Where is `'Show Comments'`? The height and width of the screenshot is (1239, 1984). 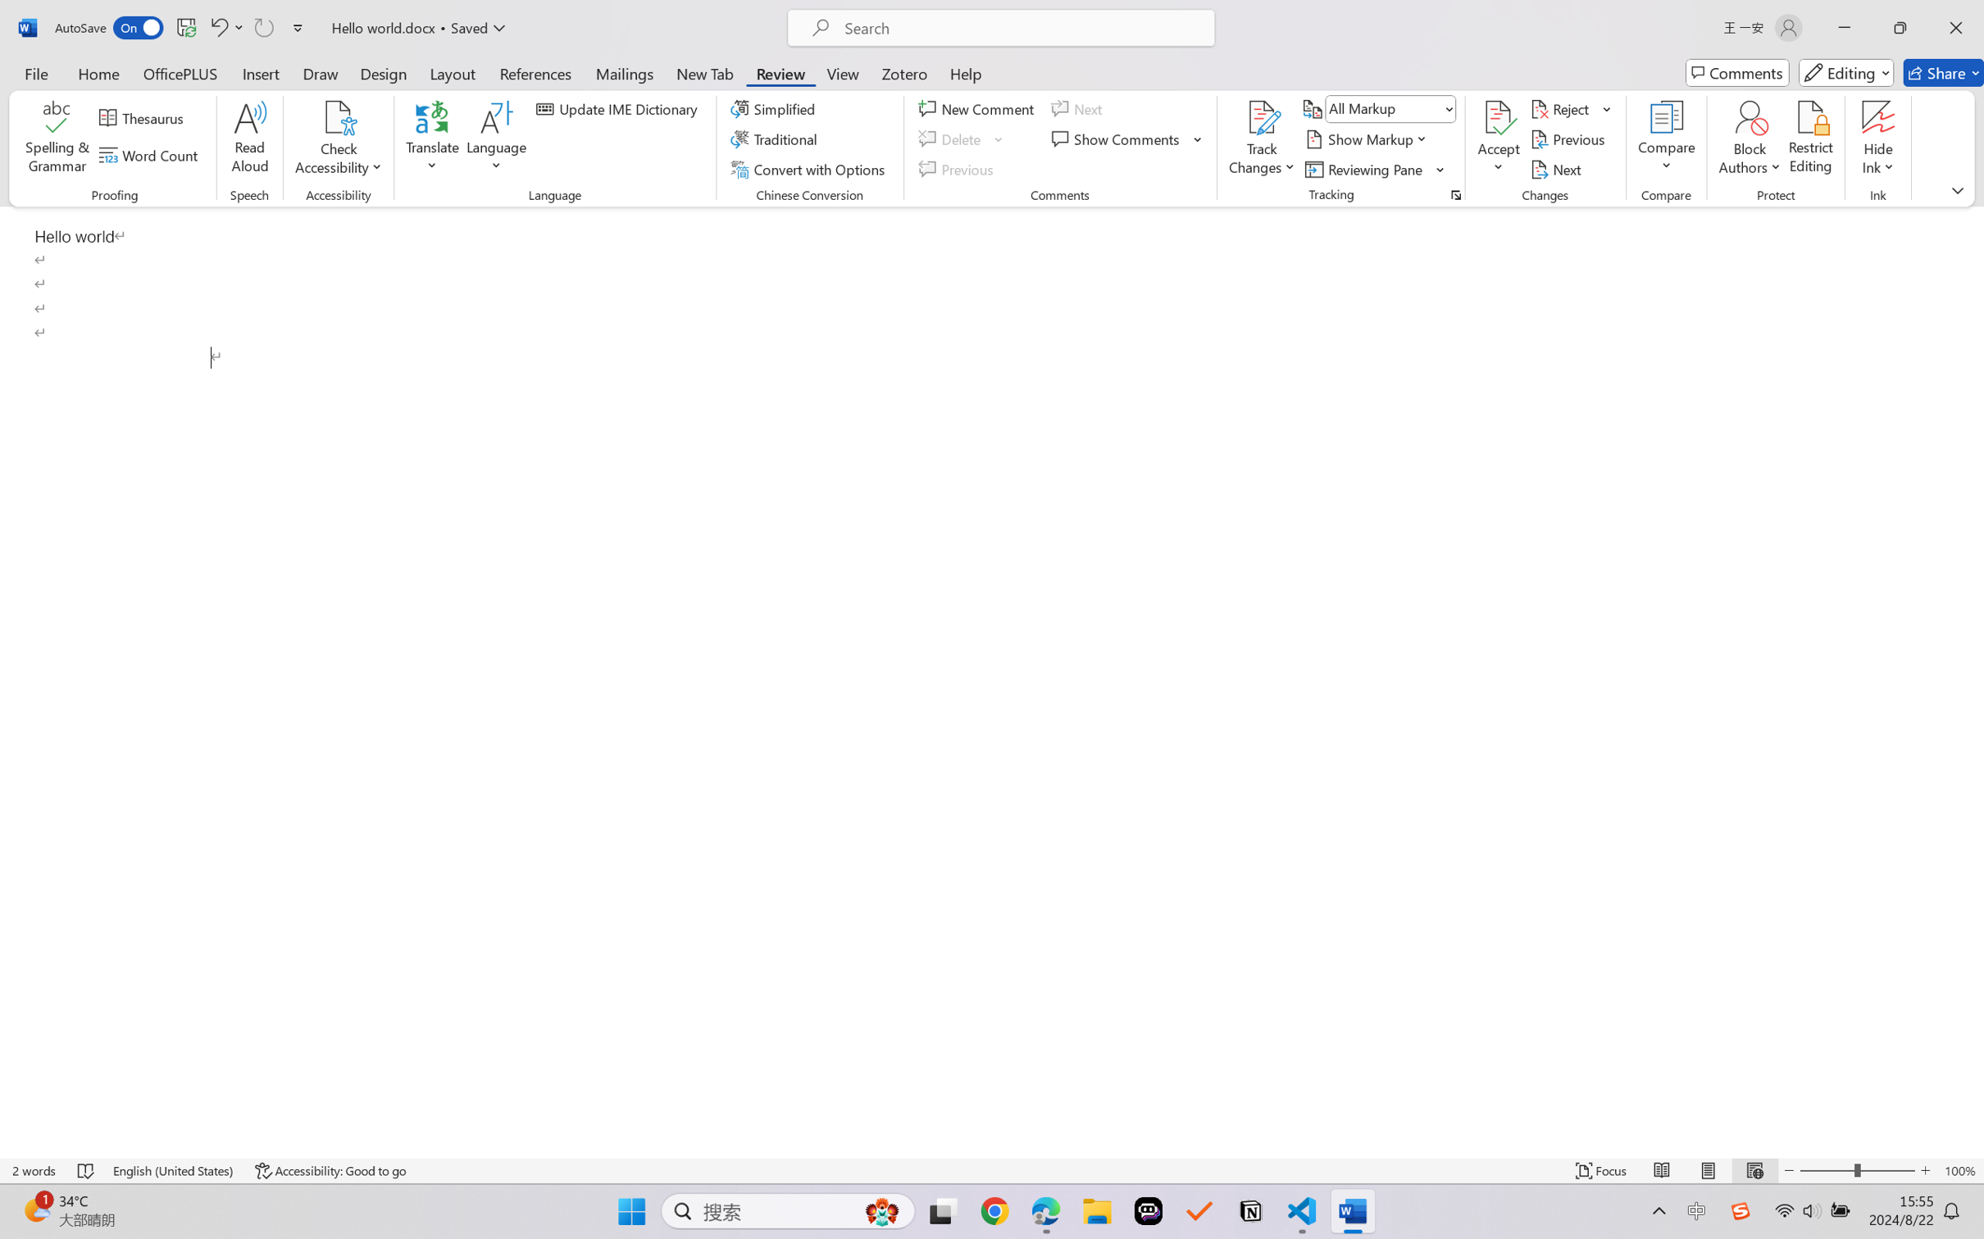 'Show Comments' is located at coordinates (1117, 139).